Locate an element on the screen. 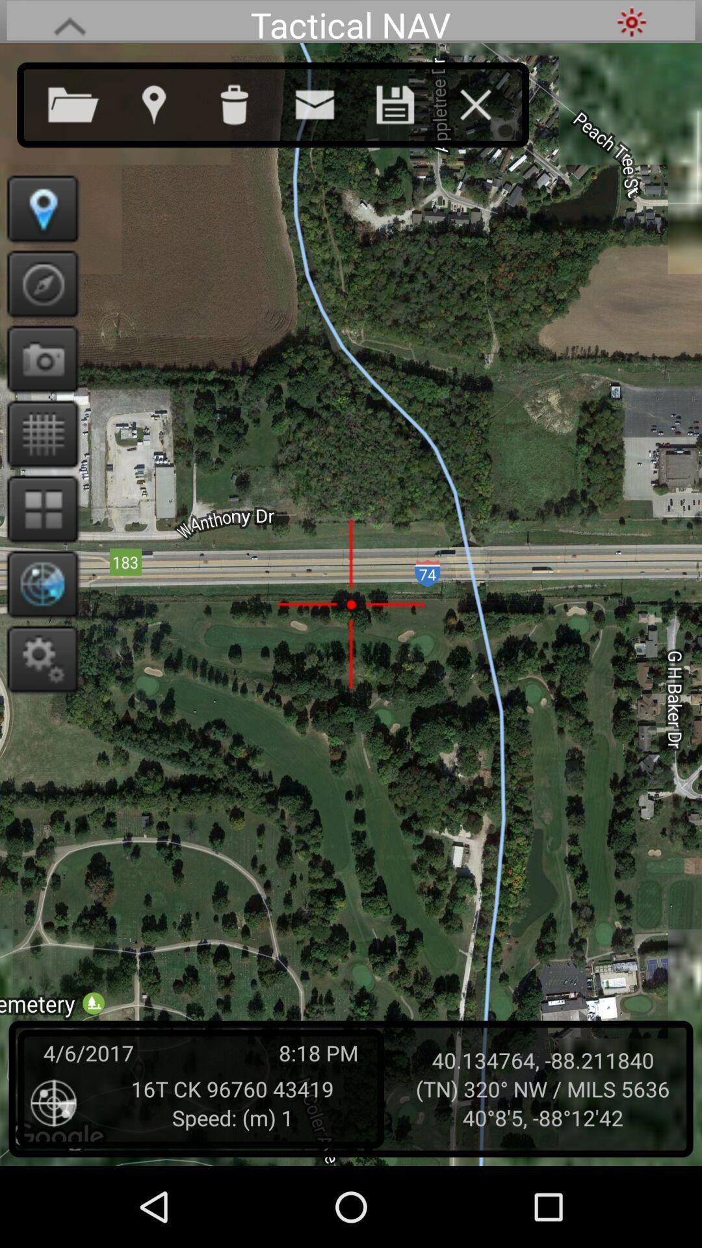  use current location is located at coordinates (166, 101).